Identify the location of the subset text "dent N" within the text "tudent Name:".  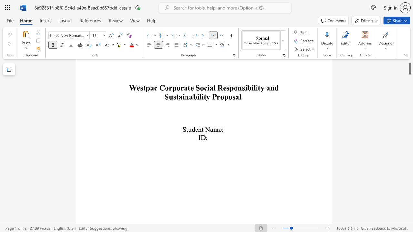
(191, 129).